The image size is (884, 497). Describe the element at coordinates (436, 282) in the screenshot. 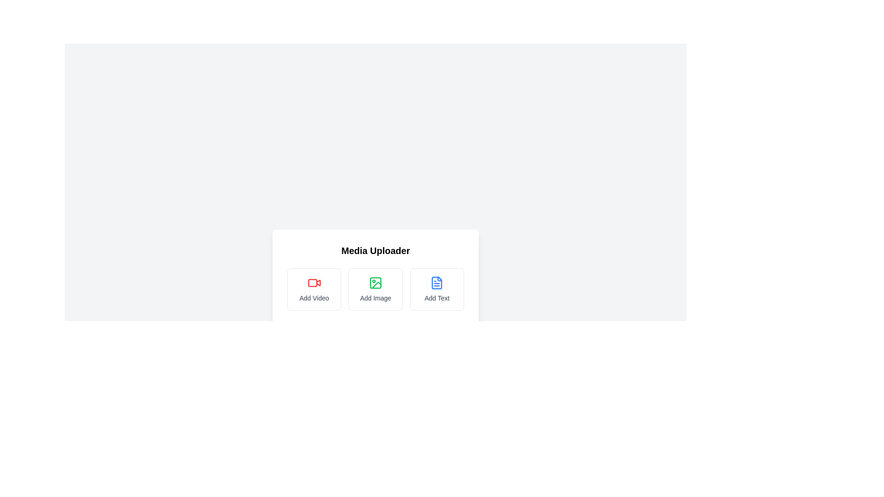

I see `the 'Add Text' icon located at the bottom center of the 'Media Uploader' section, which is the third icon from the left in a set of three options labeled 'Add Video', 'Add Image', and 'Add Text'` at that location.